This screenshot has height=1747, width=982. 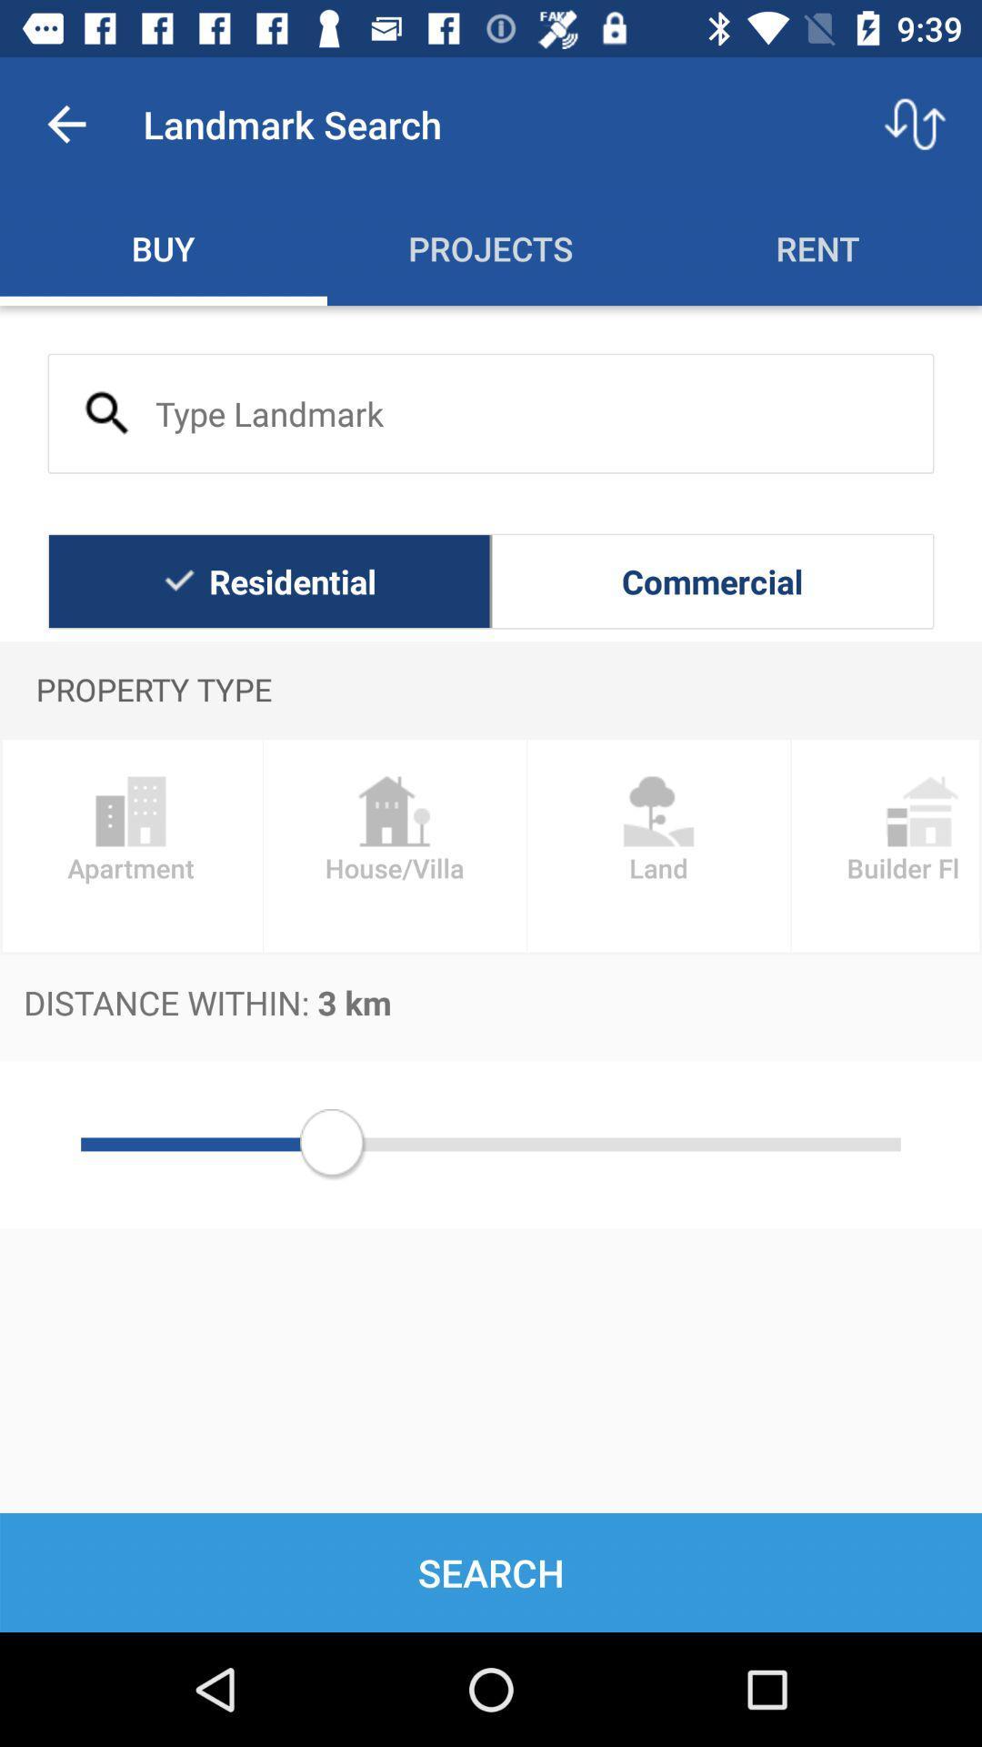 I want to click on item below property type icon, so click(x=886, y=844).